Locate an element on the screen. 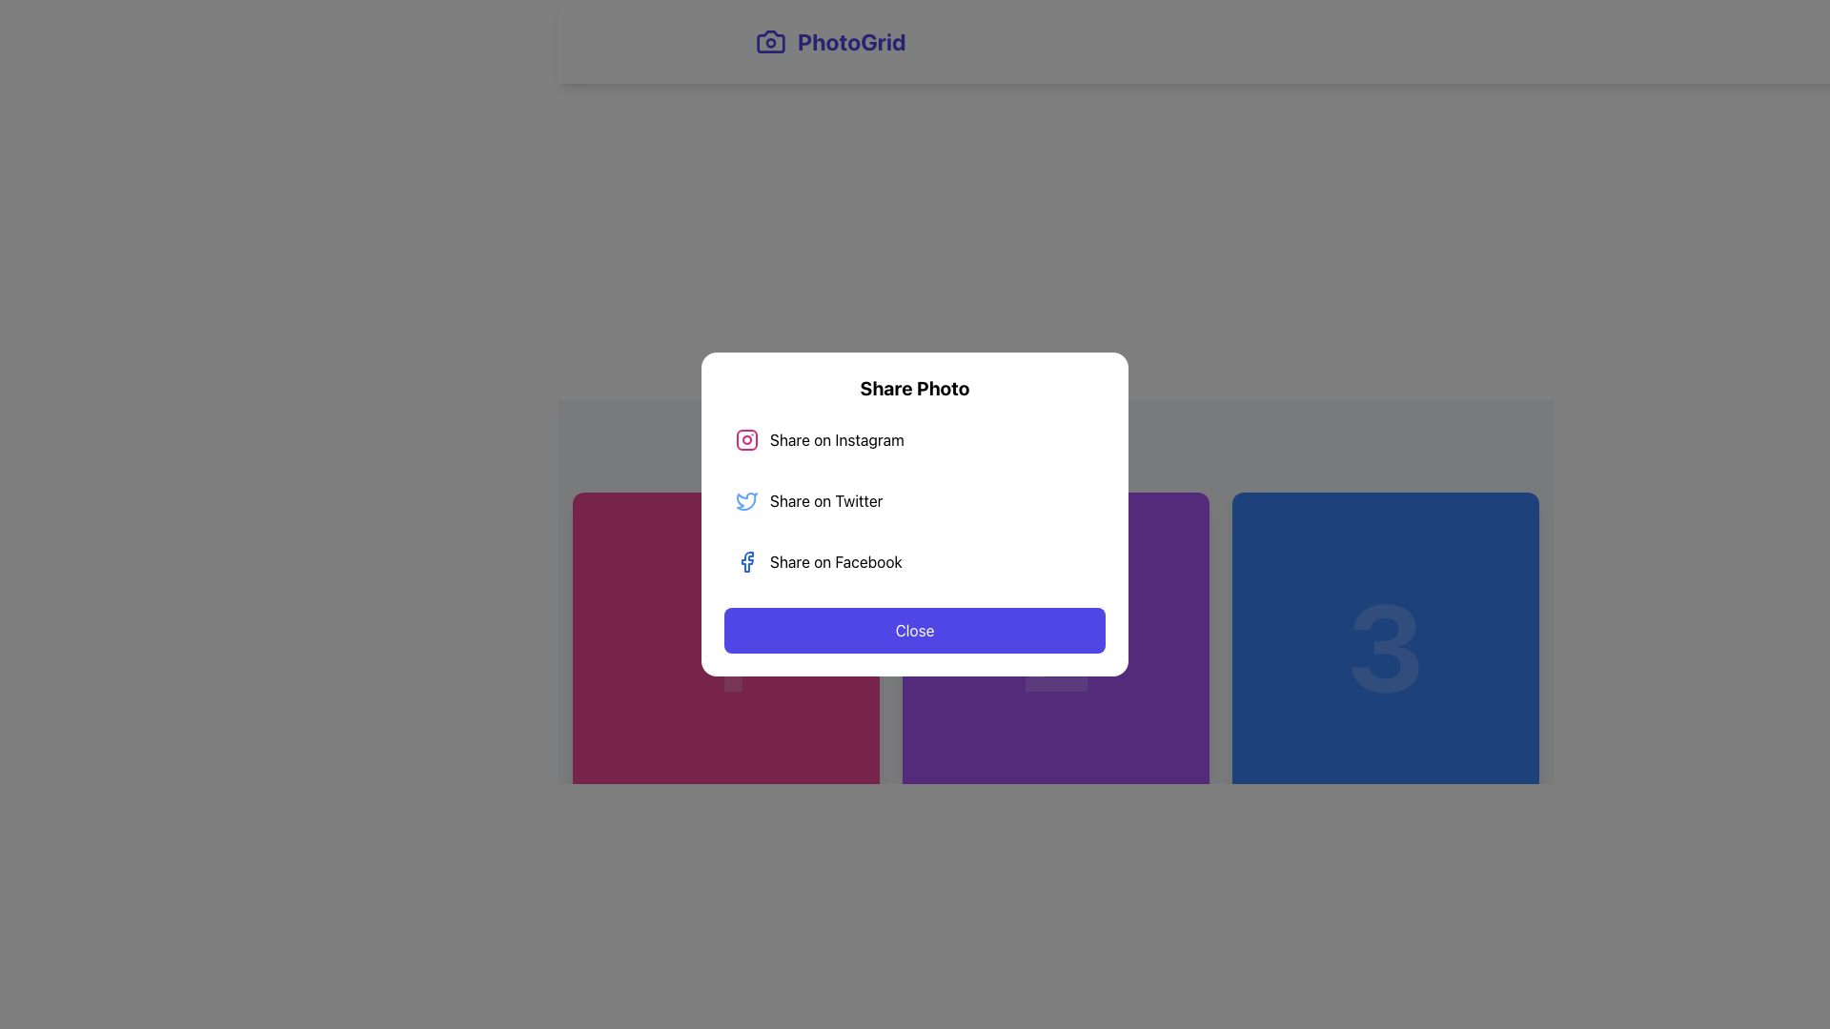  the camera icon in the PhotoGrid logo, which is a dark blue SVG graphic located near the top center of the interface is located at coordinates (771, 40).